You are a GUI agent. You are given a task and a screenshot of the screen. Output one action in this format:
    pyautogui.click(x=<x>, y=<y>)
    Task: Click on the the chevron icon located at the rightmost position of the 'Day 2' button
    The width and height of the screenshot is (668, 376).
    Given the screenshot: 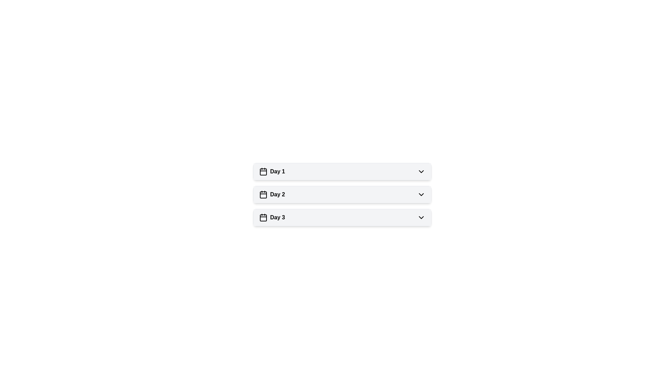 What is the action you would take?
    pyautogui.click(x=421, y=195)
    